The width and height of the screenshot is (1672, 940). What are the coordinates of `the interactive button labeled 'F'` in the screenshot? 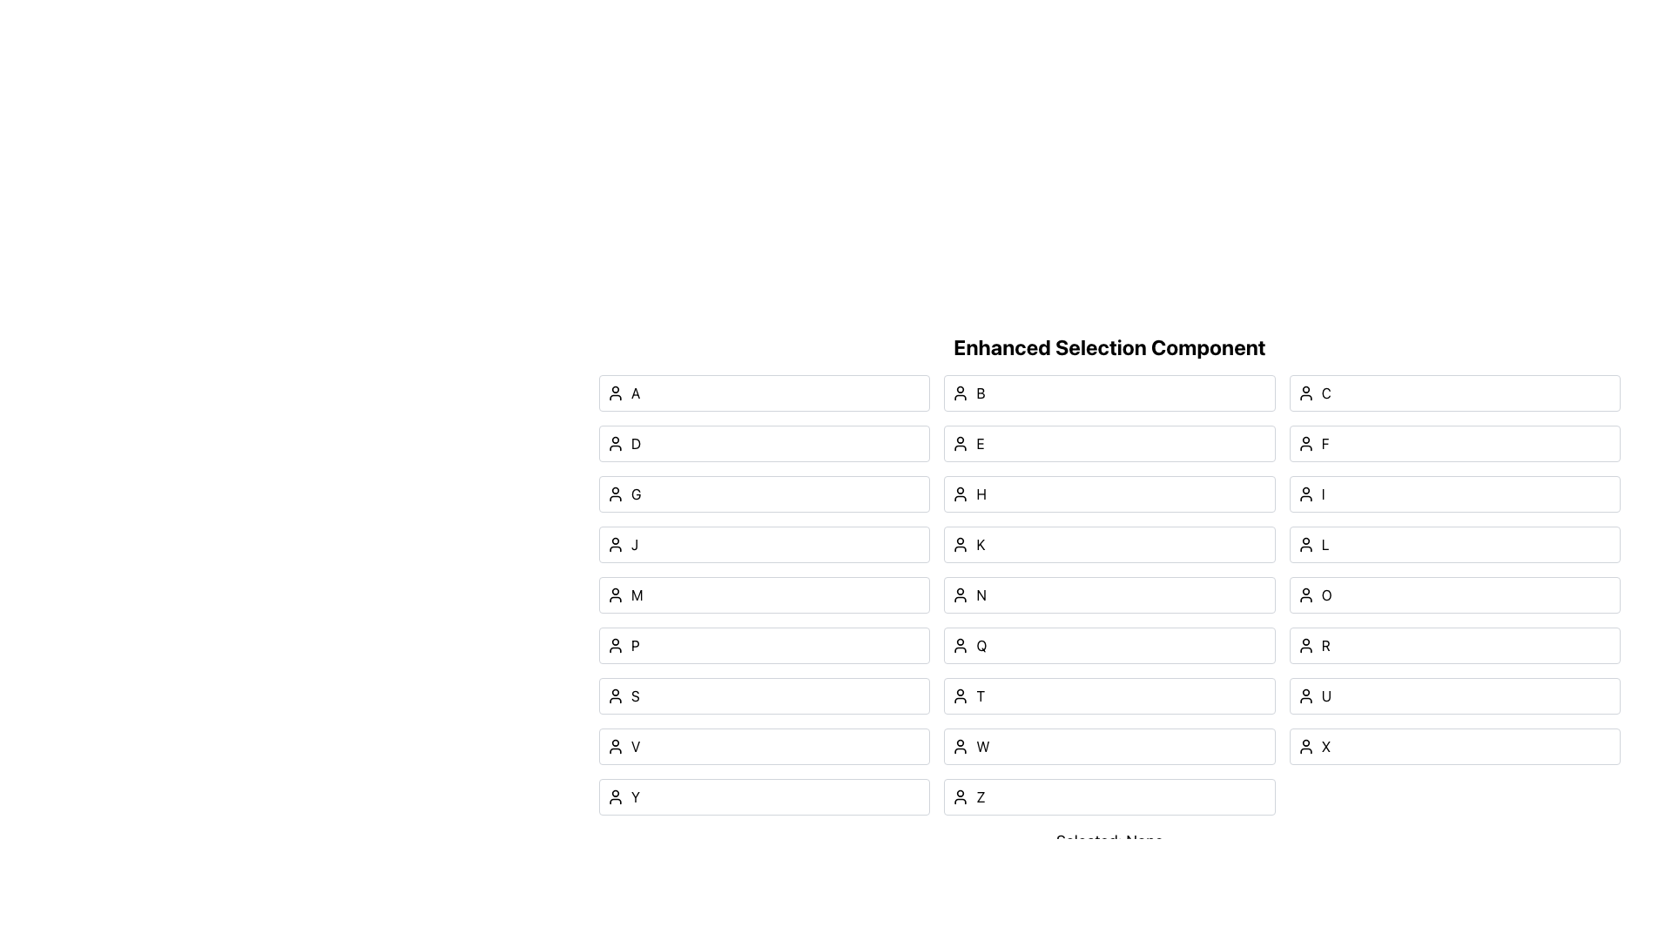 It's located at (1454, 442).